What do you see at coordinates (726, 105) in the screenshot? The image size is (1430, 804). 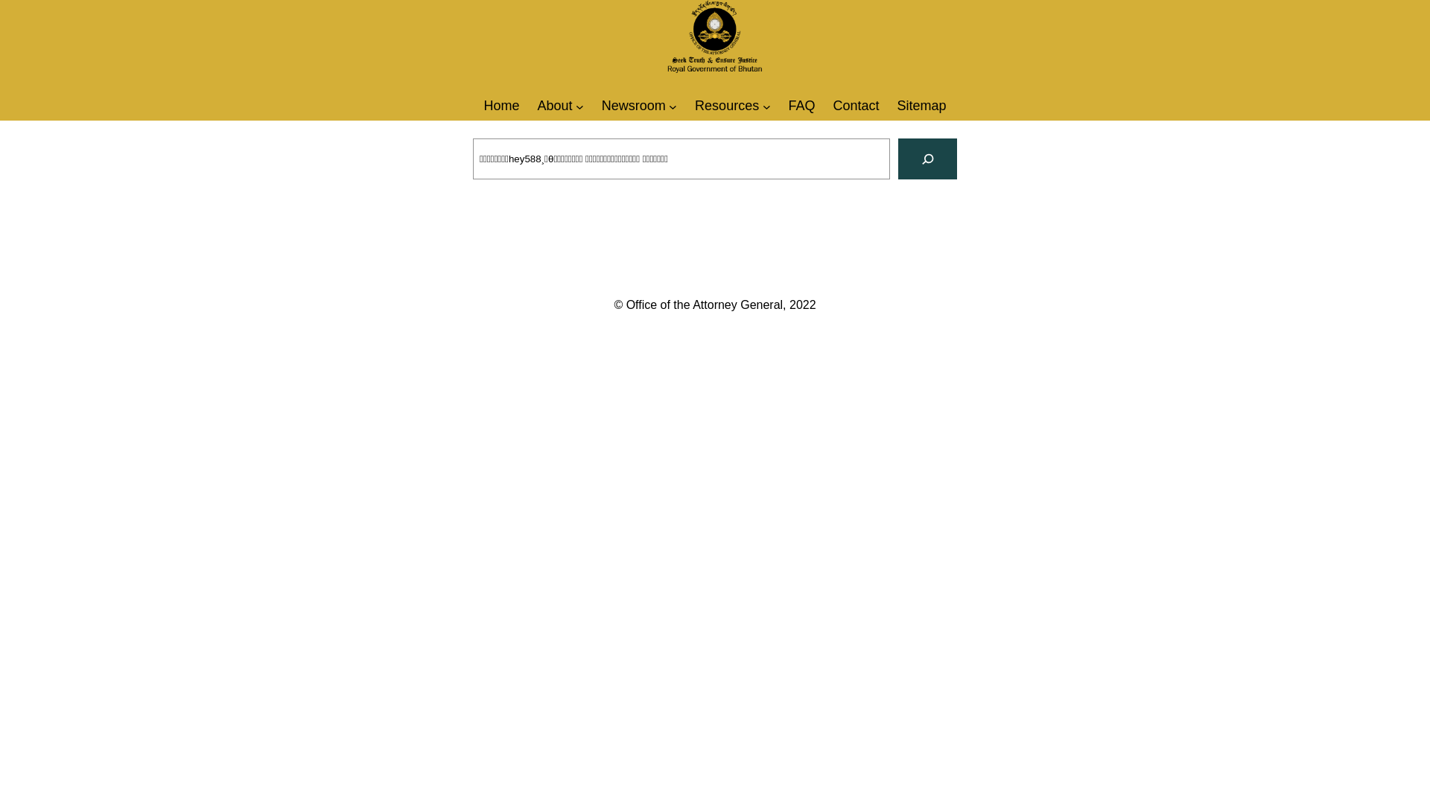 I see `'Resources'` at bounding box center [726, 105].